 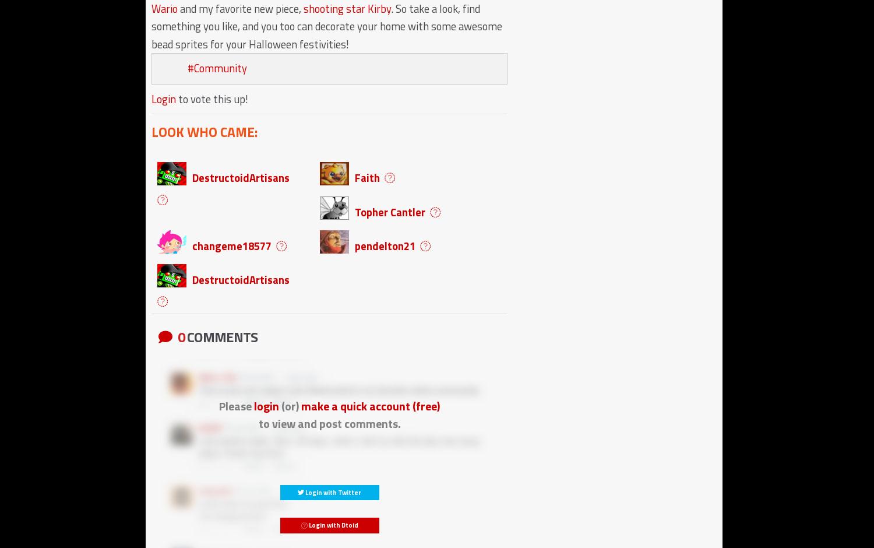 I want to click on 'Login', so click(x=151, y=99).